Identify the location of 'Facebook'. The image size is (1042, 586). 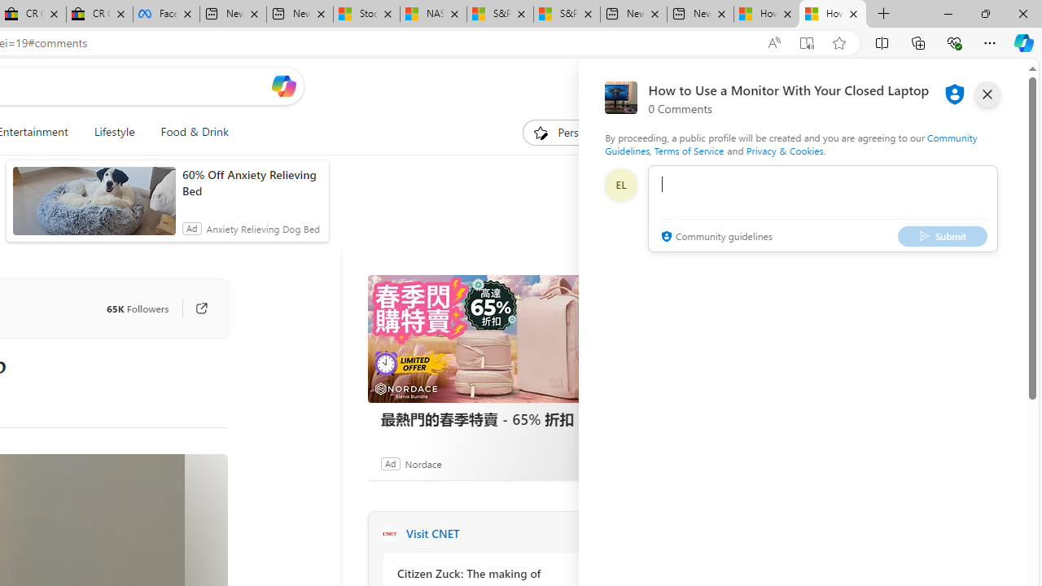
(166, 14).